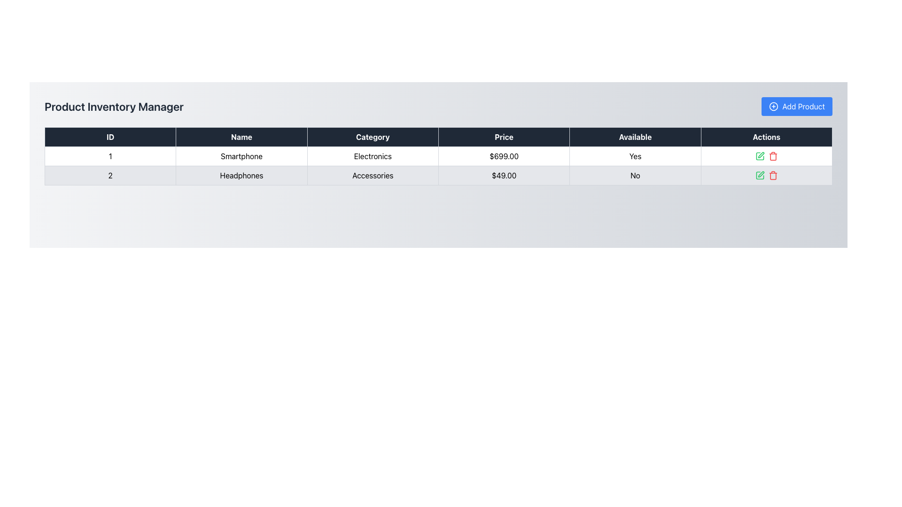 This screenshot has height=507, width=902. I want to click on the Text Element displaying '2' in the first column of the second row under the 'ID' header, so click(110, 176).